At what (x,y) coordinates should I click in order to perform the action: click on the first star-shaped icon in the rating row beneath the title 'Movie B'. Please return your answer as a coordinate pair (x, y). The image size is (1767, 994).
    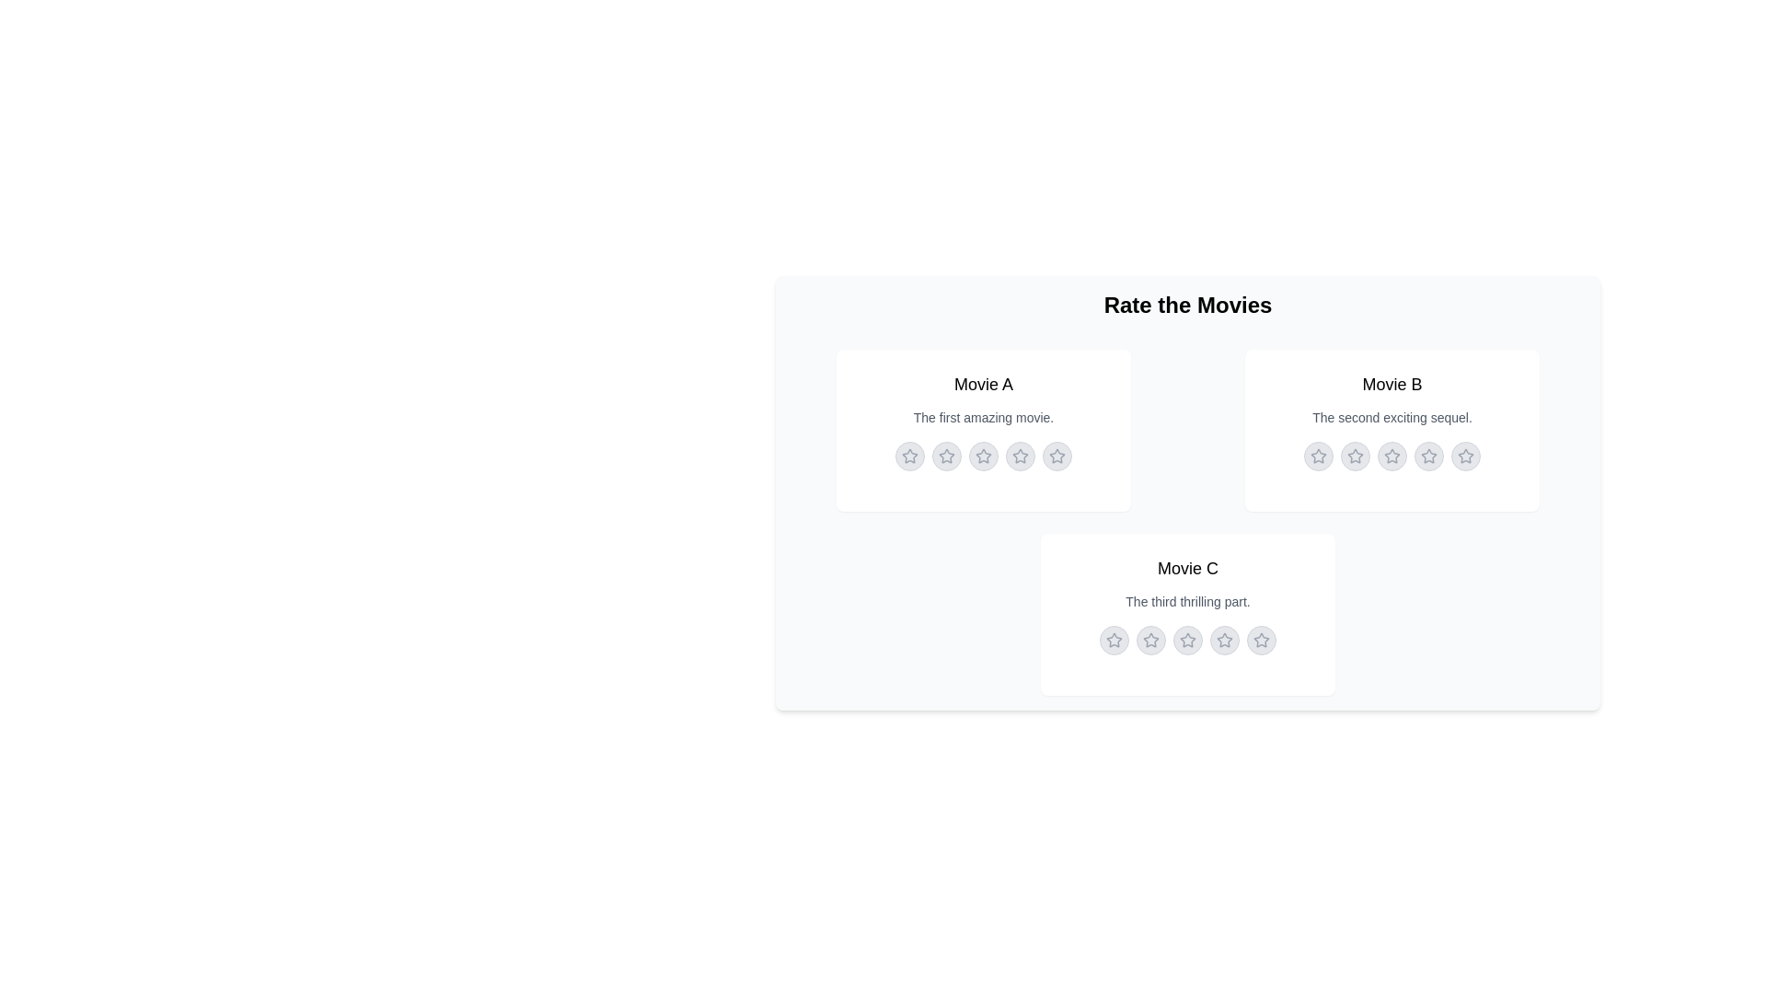
    Looking at the image, I should click on (1318, 456).